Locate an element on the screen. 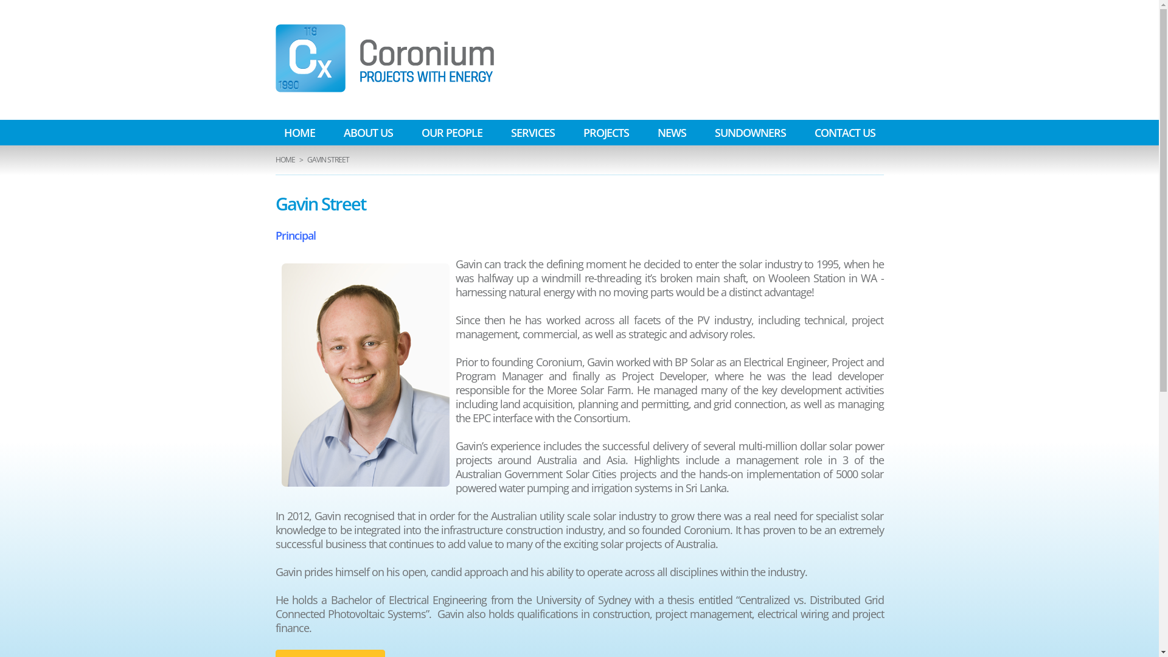  'NEWS' is located at coordinates (670, 133).